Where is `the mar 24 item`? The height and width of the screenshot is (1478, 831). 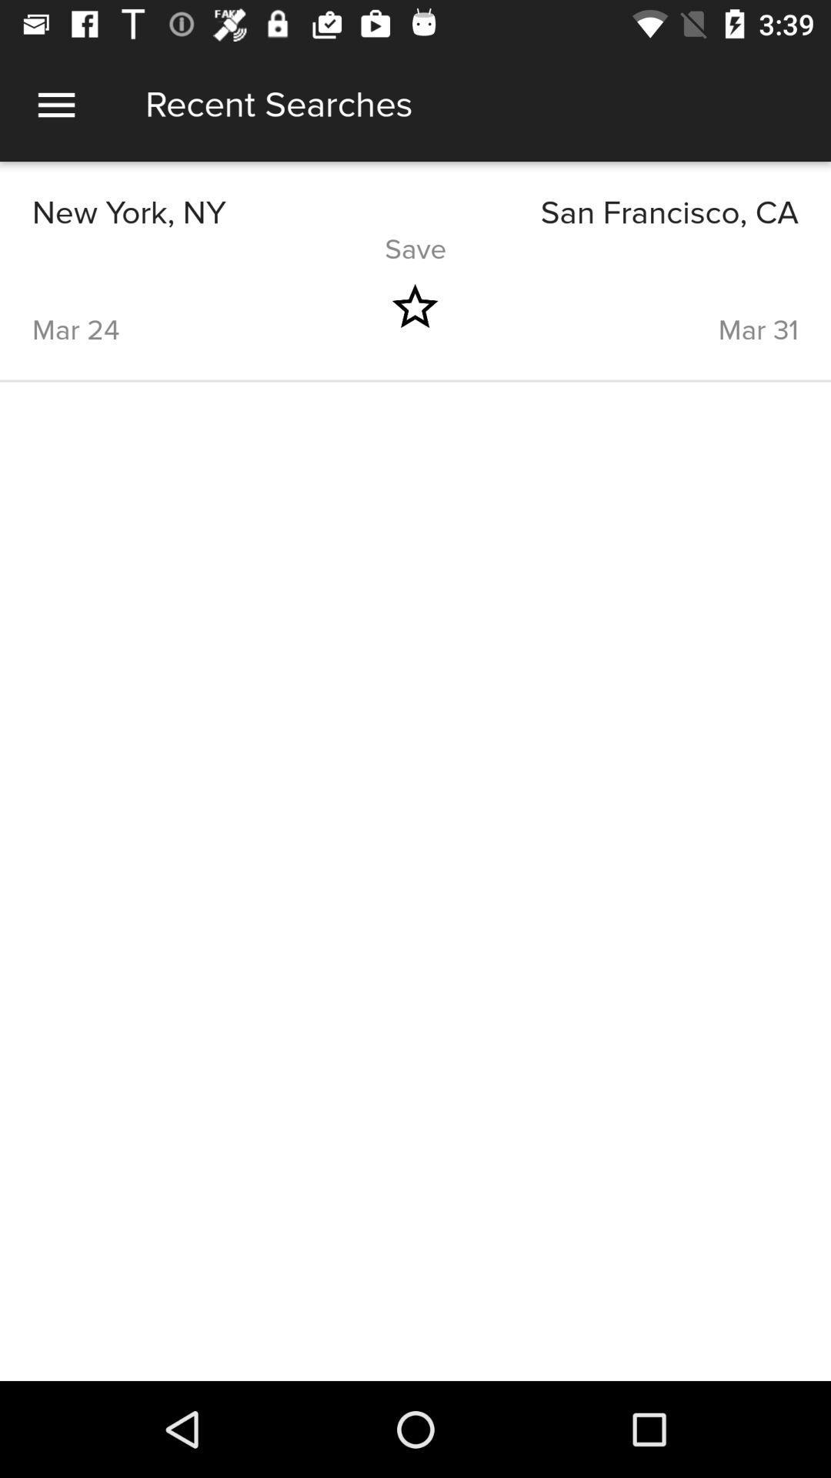 the mar 24 item is located at coordinates (185, 306).